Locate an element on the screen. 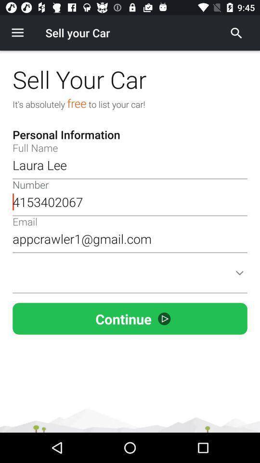 The image size is (260, 463). personal information combo is located at coordinates (130, 279).